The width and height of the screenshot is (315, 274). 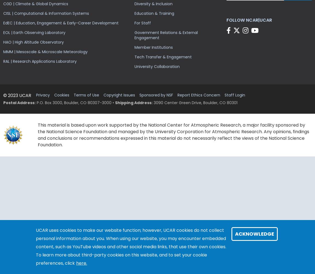 What do you see at coordinates (154, 13) in the screenshot?
I see `'Education & Training'` at bounding box center [154, 13].